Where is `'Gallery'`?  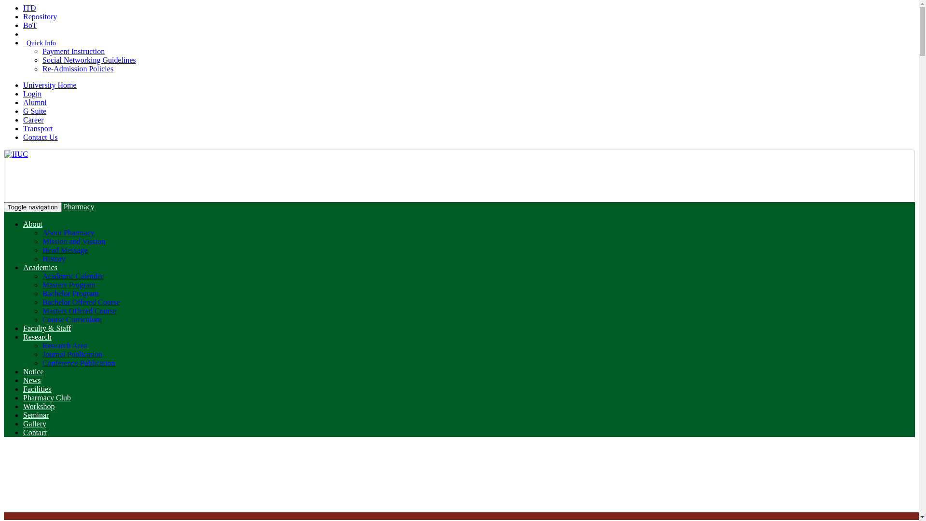 'Gallery' is located at coordinates (35, 423).